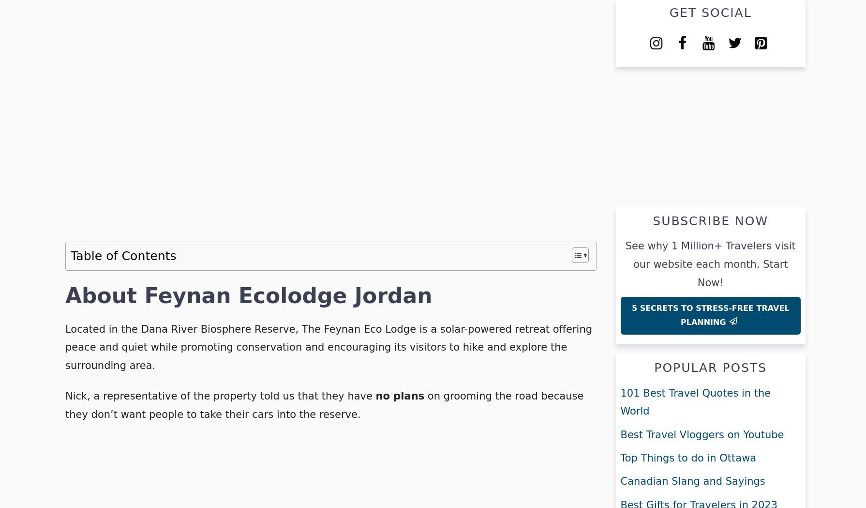 This screenshot has height=508, width=866. I want to click on 'Get Social', so click(709, 12).